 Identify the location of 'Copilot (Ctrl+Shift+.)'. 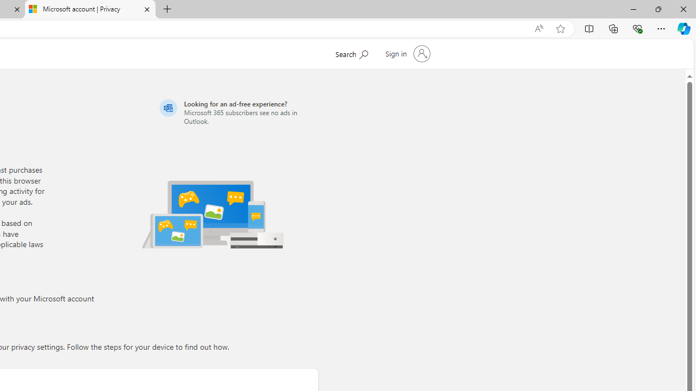
(683, 28).